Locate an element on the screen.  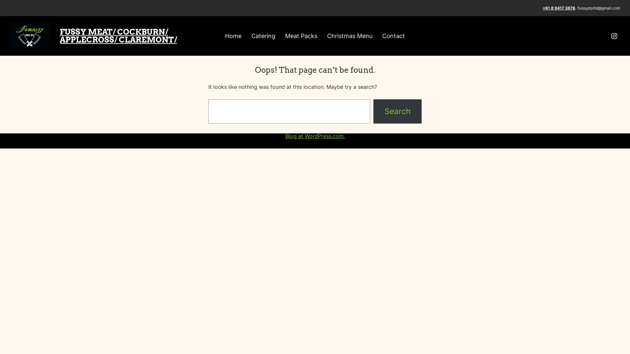
'Blog at WordPress.com.' is located at coordinates (315, 136).